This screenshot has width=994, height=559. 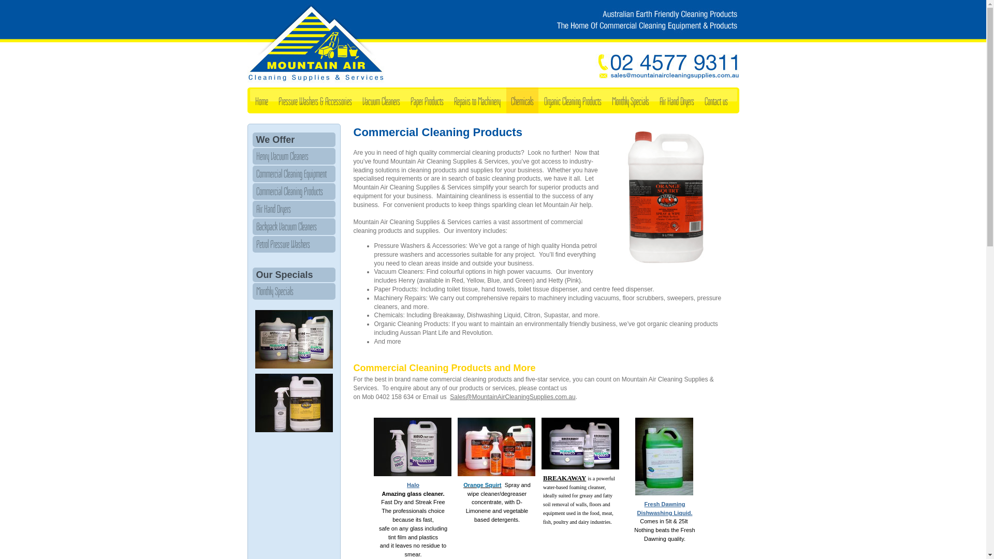 What do you see at coordinates (261, 100) in the screenshot?
I see `'Home'` at bounding box center [261, 100].